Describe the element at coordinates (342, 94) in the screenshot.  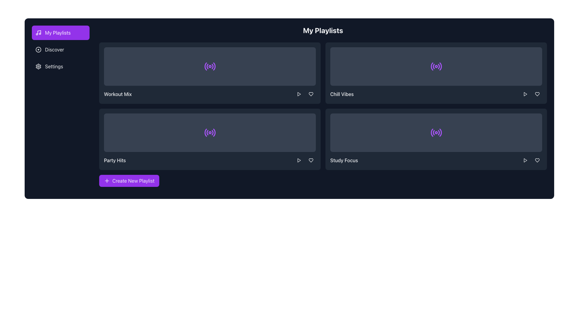
I see `the 'Chill Vibes' text label, which is displayed in a medium-sized white font on a dark background, located in the top-right quadrant of the interface` at that location.